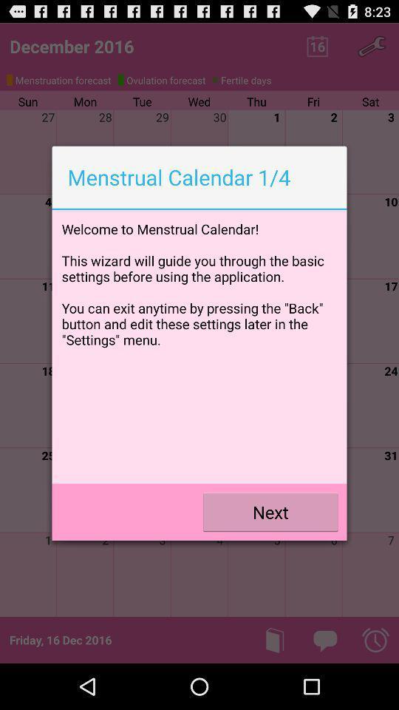 Image resolution: width=399 pixels, height=710 pixels. What do you see at coordinates (270, 512) in the screenshot?
I see `icon at the bottom right corner` at bounding box center [270, 512].